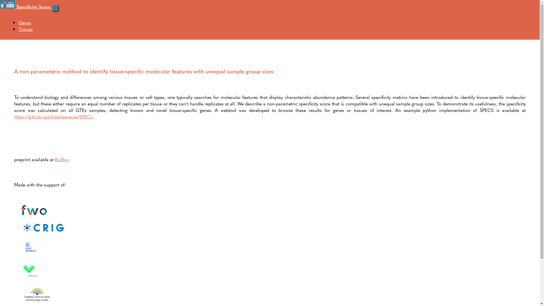 Image resolution: width=544 pixels, height=306 pixels. Describe the element at coordinates (24, 22) in the screenshot. I see `'Genes'` at that location.